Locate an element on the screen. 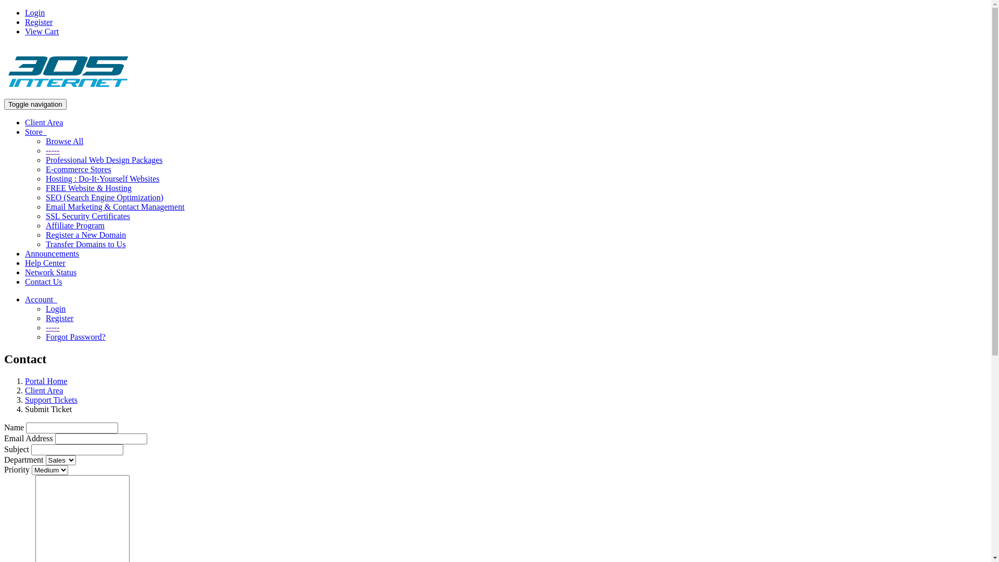  'Announcements' is located at coordinates (52, 253).